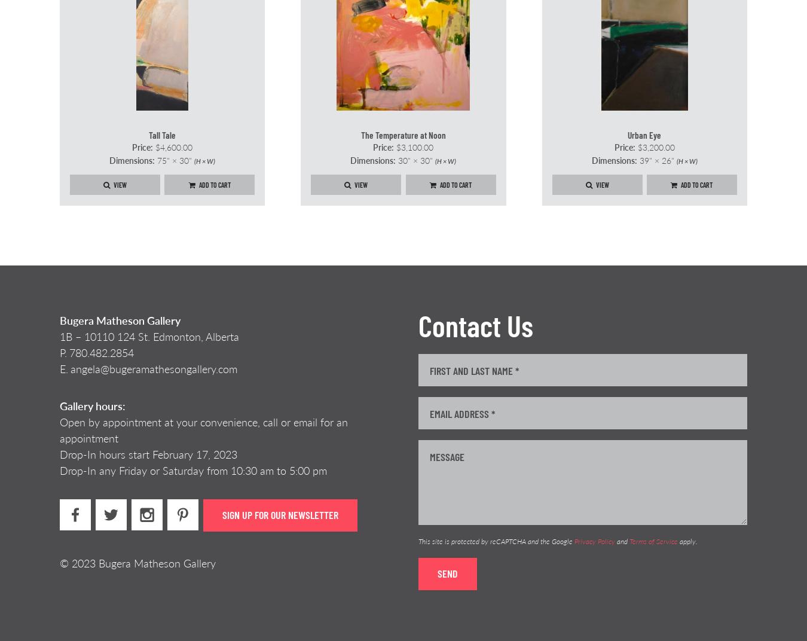  I want to click on '$3,100.00', so click(413, 146).